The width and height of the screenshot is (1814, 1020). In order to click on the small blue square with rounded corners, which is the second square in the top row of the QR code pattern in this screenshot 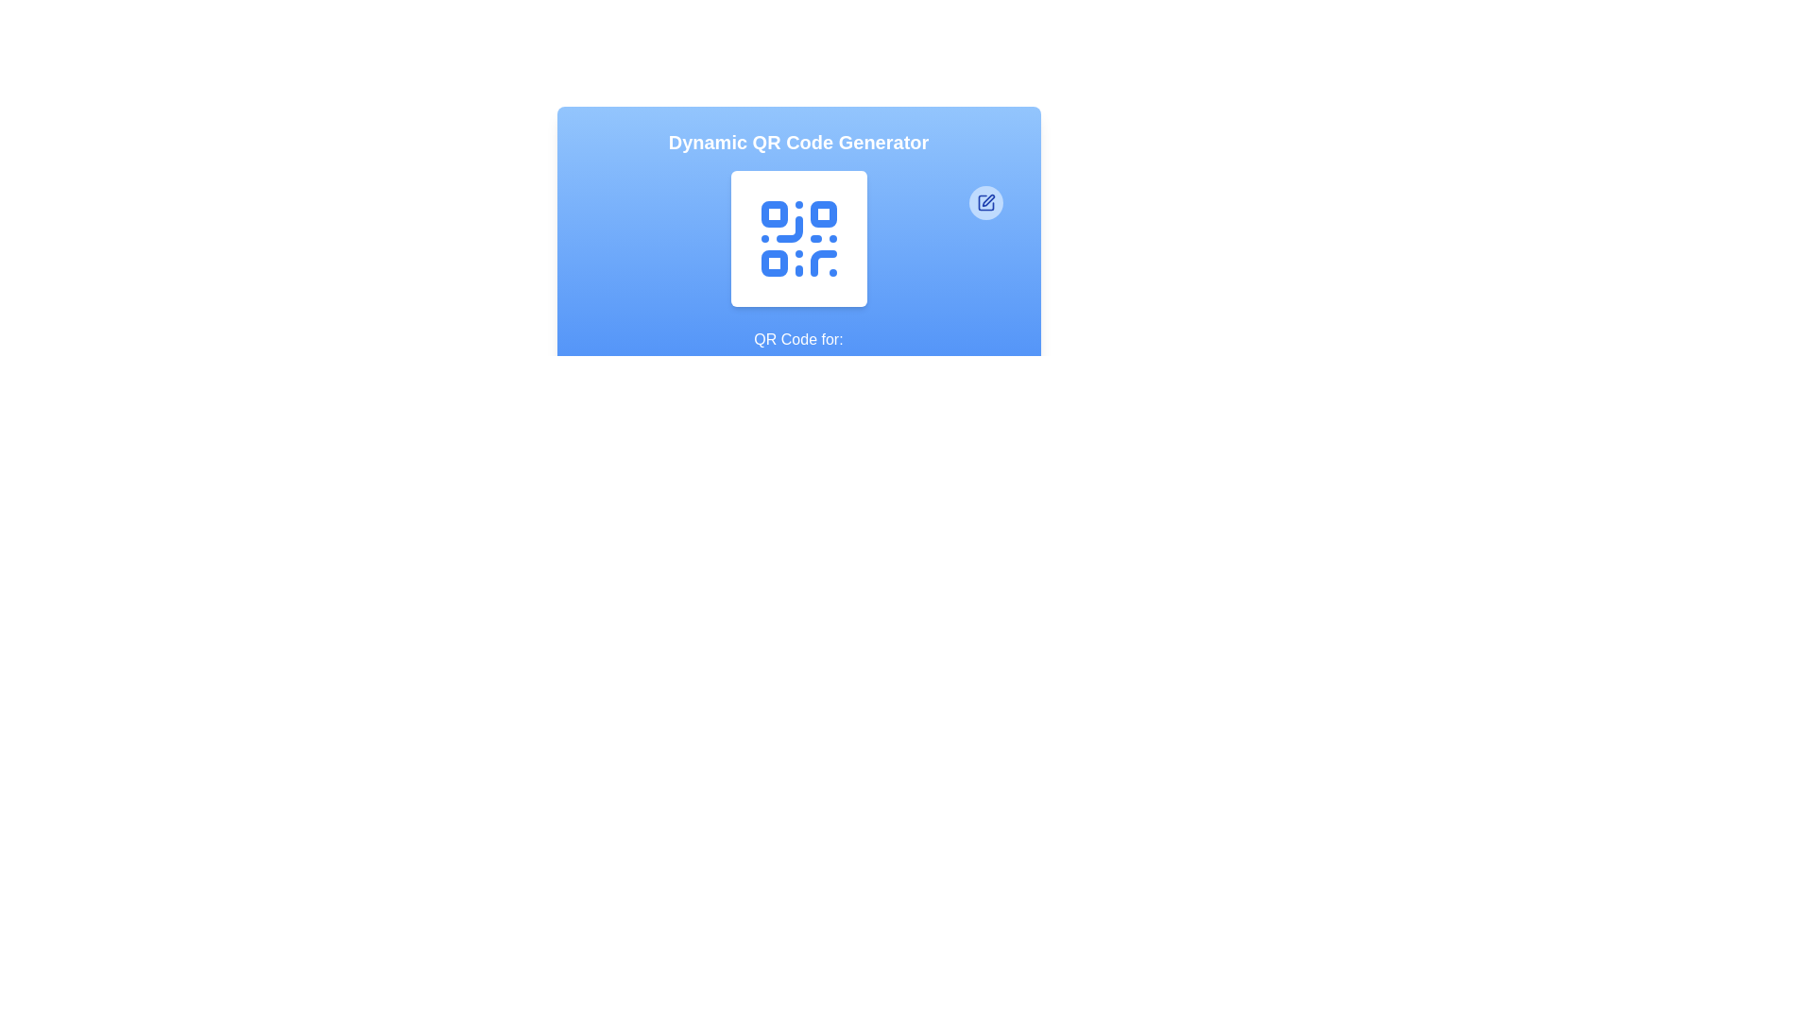, I will do `click(823, 213)`.